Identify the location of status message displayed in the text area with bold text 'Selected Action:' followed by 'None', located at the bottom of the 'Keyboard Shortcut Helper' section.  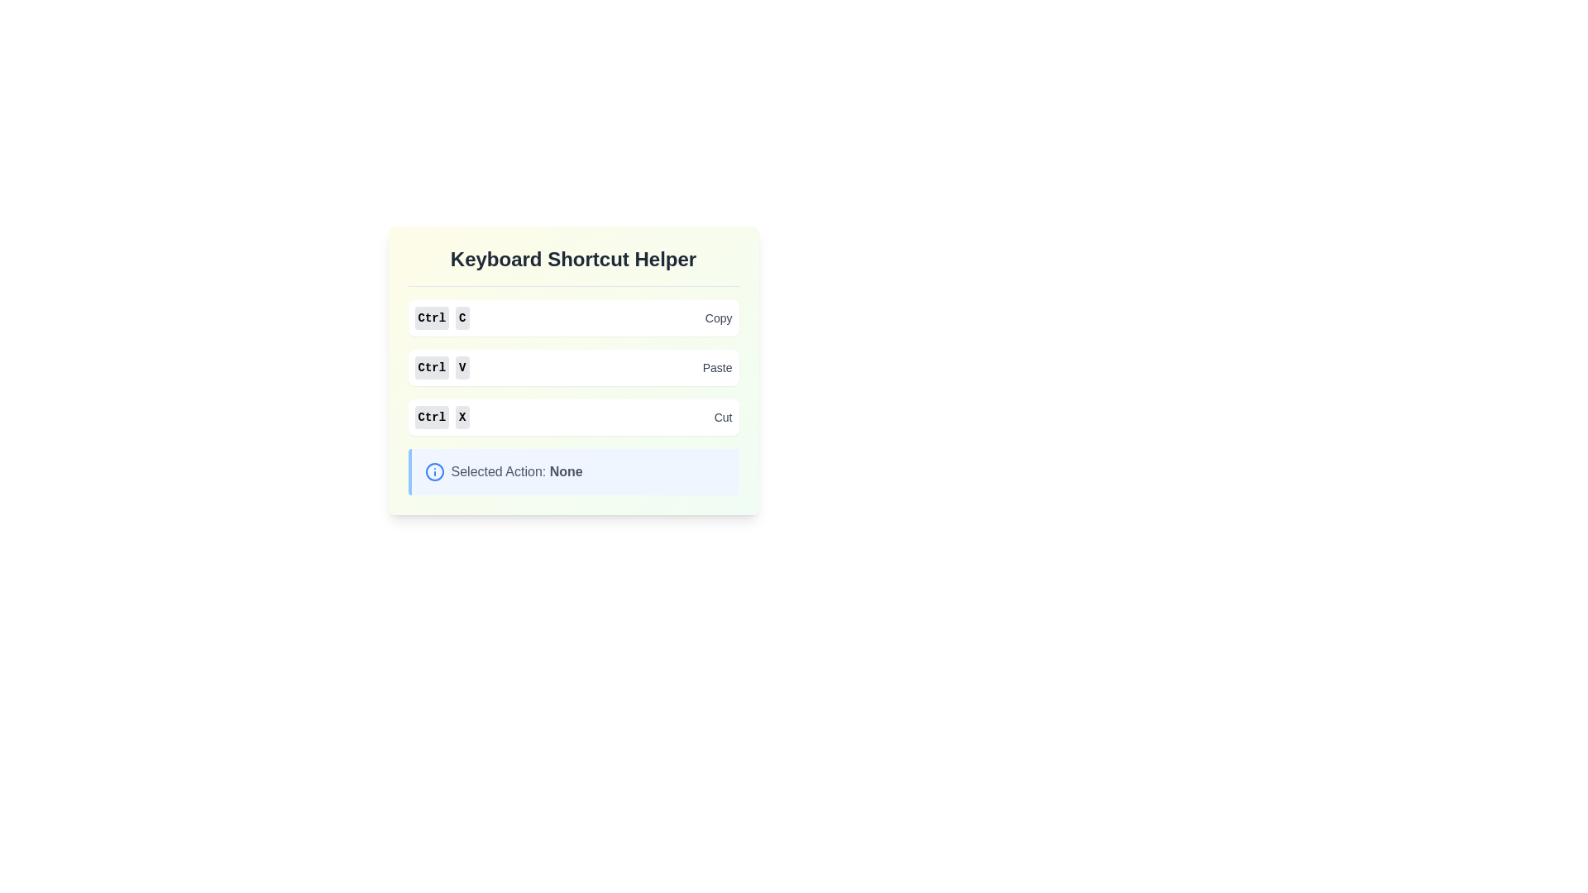
(573, 471).